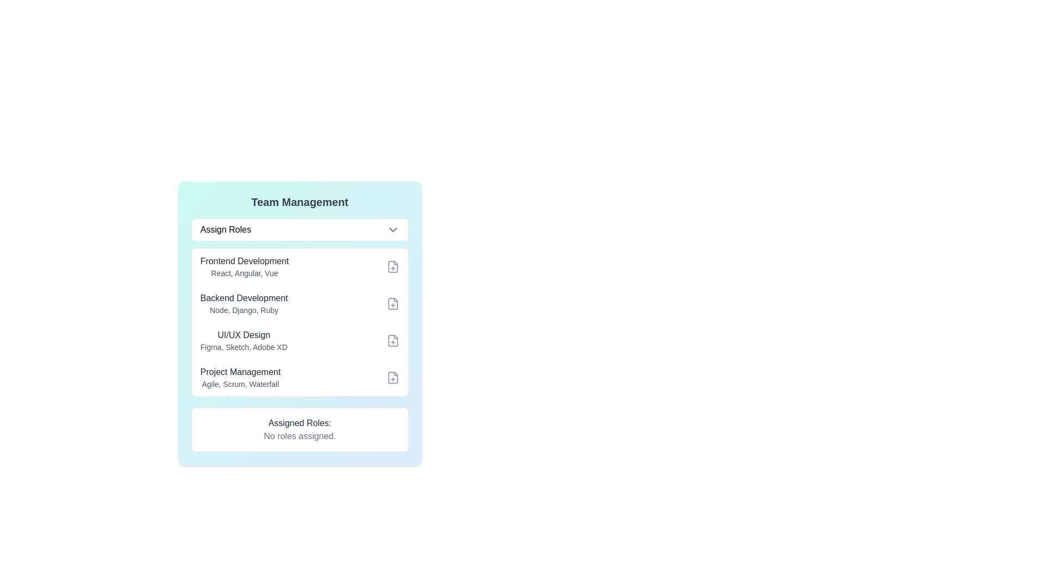 Image resolution: width=1044 pixels, height=587 pixels. Describe the element at coordinates (392, 266) in the screenshot. I see `the icon button resembling a document with a plus sign, located to the far right of the 'Frontend Development' row, next to the text 'React, Angular, Vue'` at that location.